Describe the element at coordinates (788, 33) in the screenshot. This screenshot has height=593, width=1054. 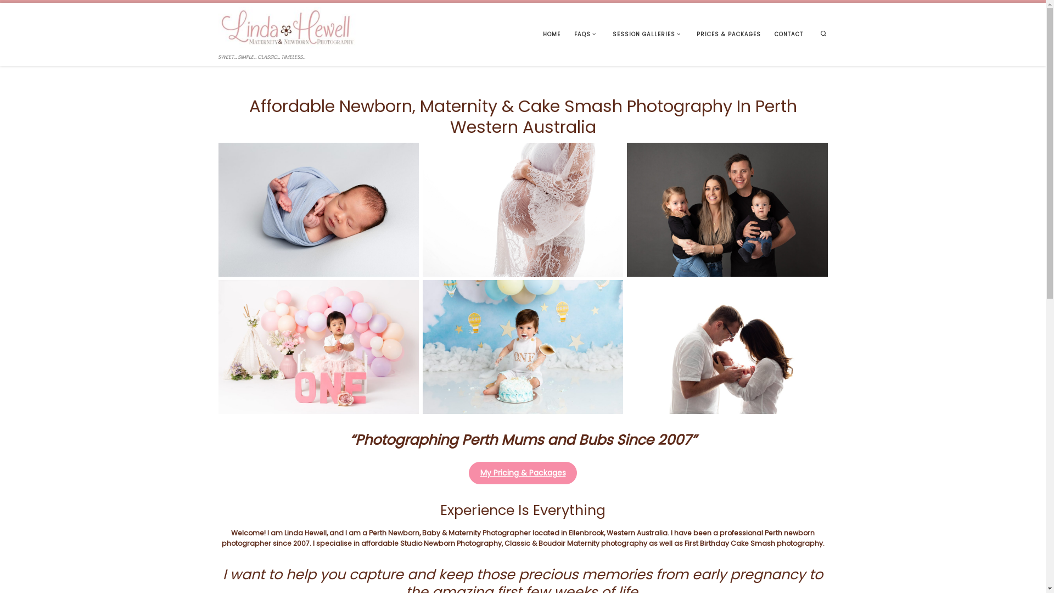
I see `'CONTACT'` at that location.